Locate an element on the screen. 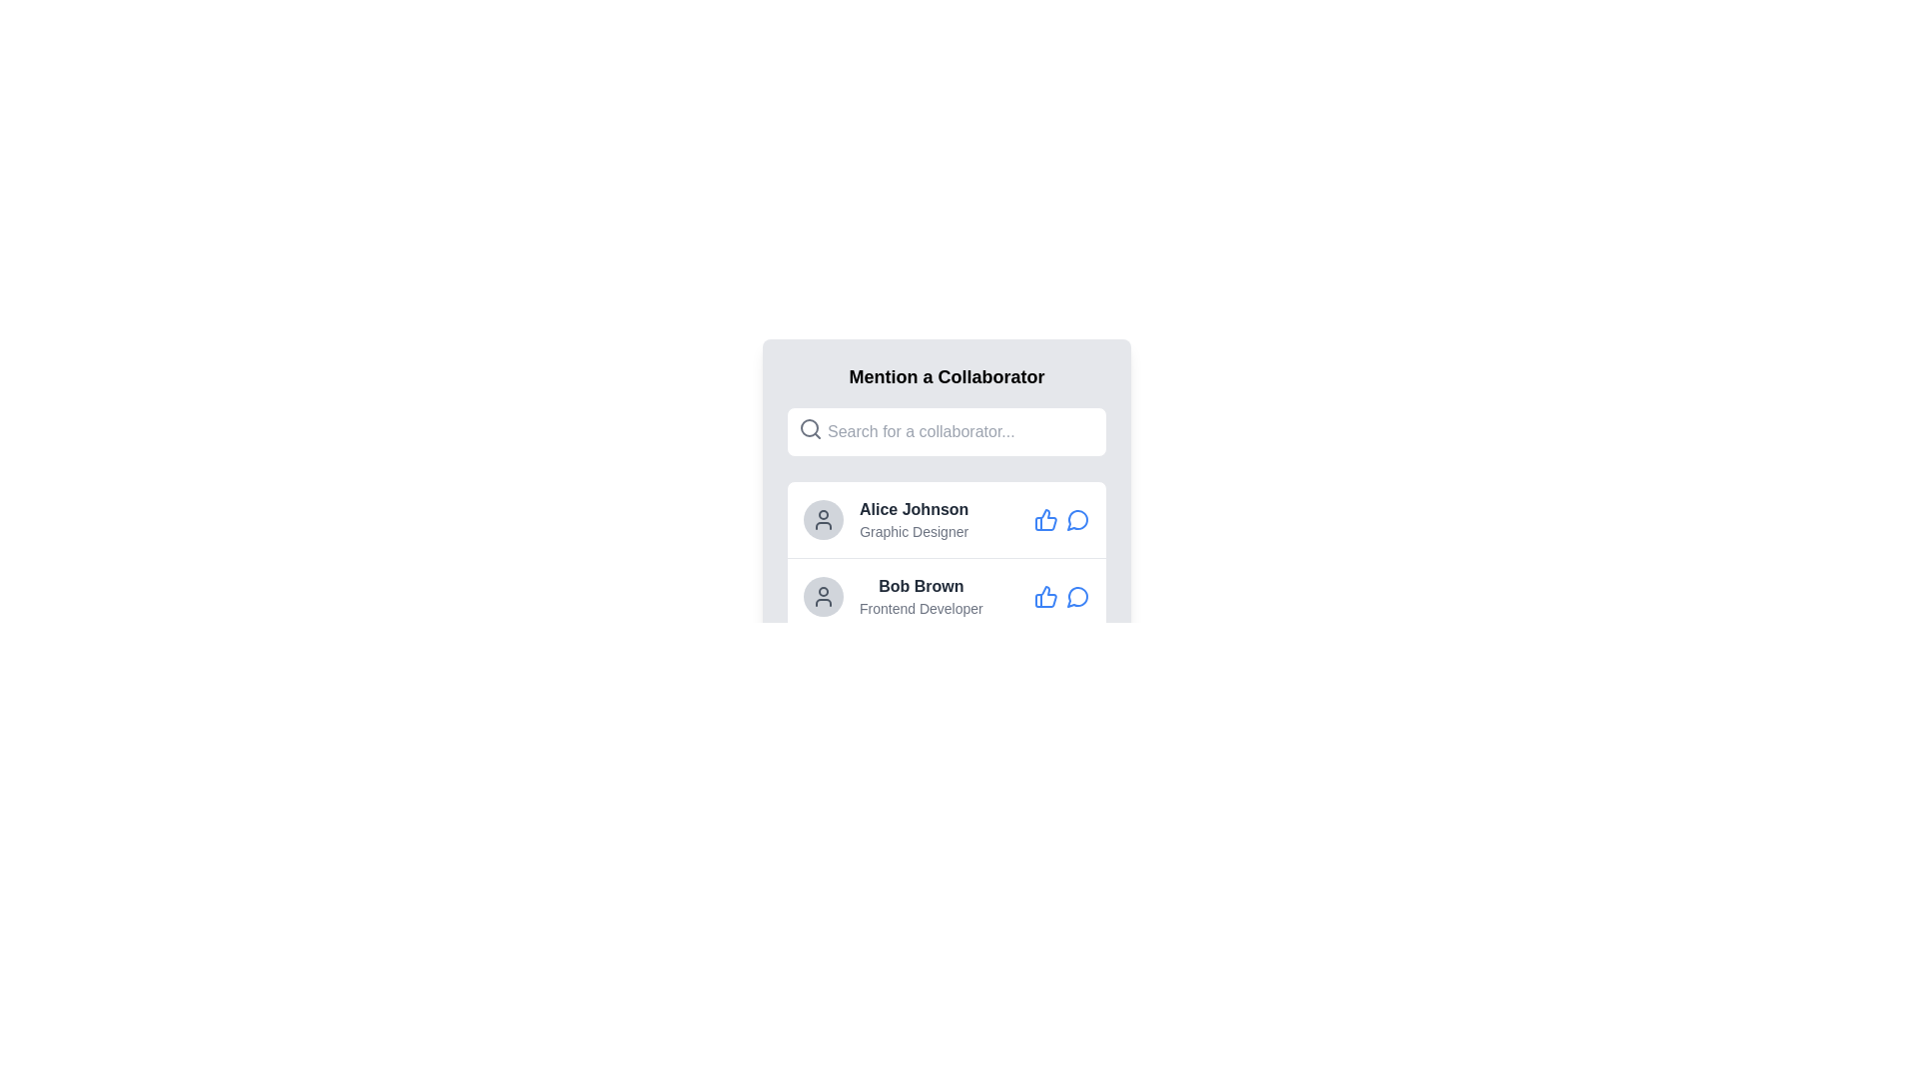 The height and width of the screenshot is (1078, 1917). the text-based informational display component representing a collaborator's profile, located in the collaborator list below the search bar is located at coordinates (913, 518).